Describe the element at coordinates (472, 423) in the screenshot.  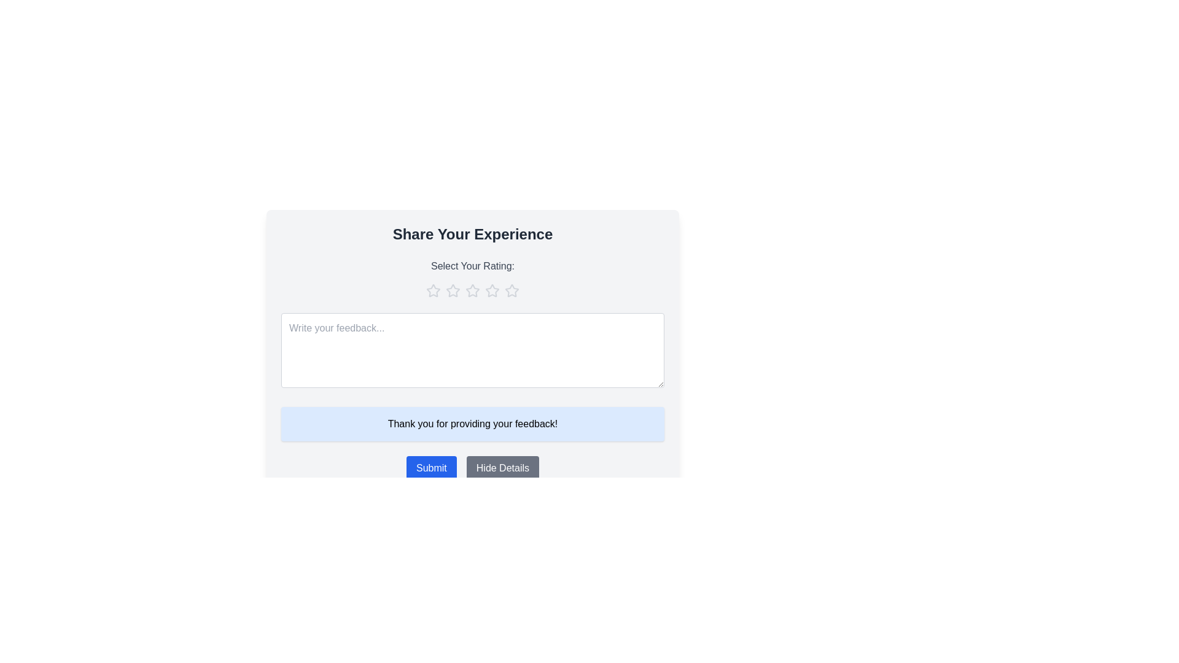
I see `the confirmation message text box that acknowledges user feedback submission, positioned below the feedback text area and above the 'Submit' and 'Hide Details' buttons` at that location.